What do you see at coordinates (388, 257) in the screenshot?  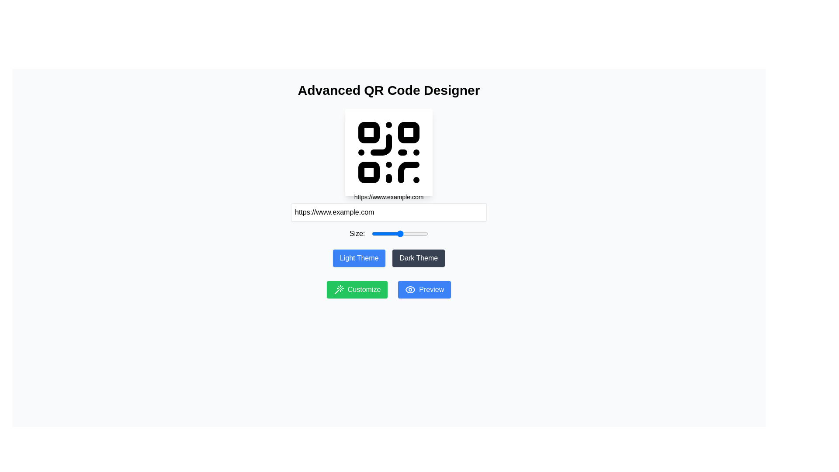 I see `the 'Light Theme' button, which has a blue background with white text` at bounding box center [388, 257].